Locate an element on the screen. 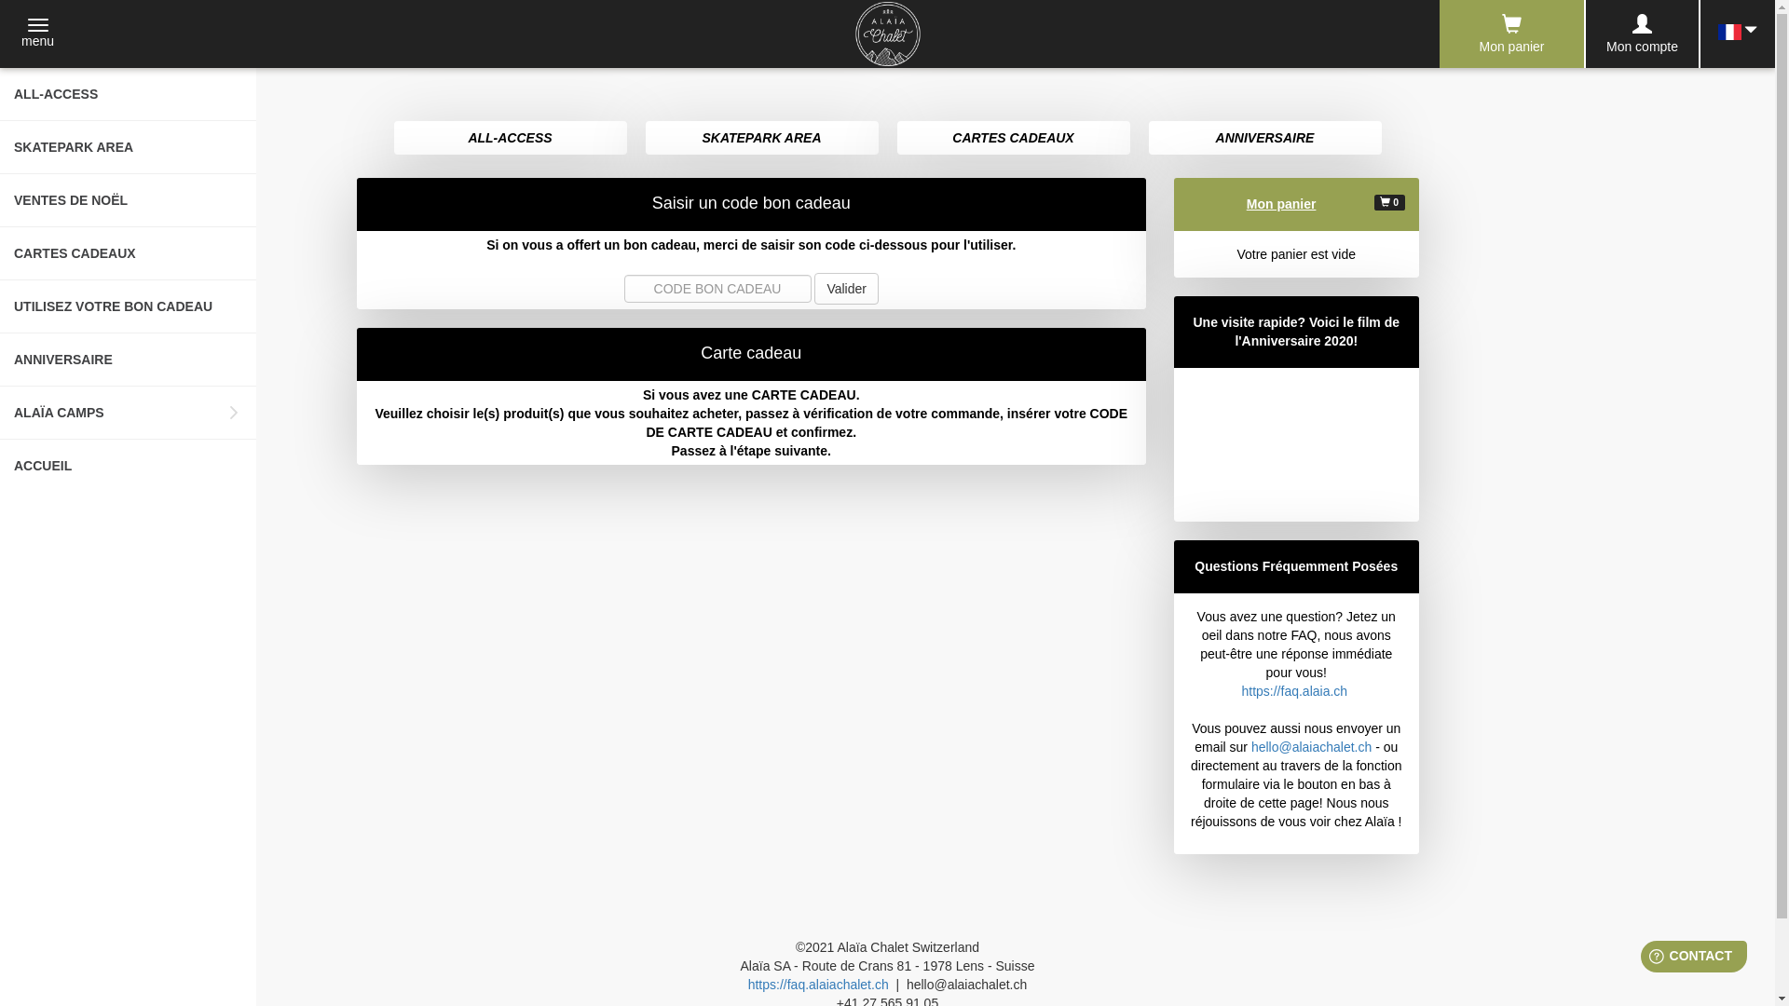 Image resolution: width=1789 pixels, height=1006 pixels. 'https://faq.alaiachalet.ch' is located at coordinates (818, 983).